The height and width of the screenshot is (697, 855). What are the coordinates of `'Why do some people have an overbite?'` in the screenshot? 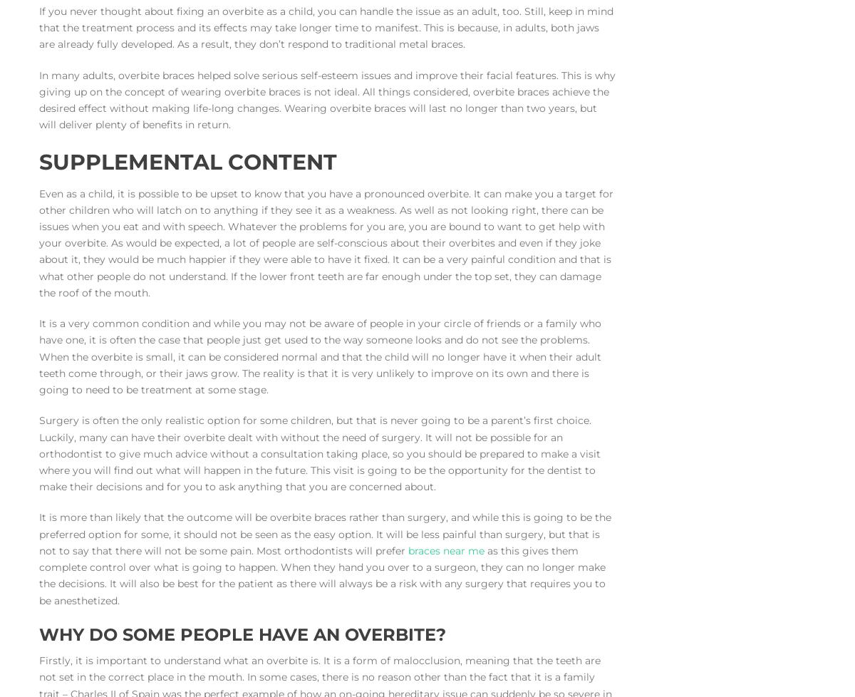 It's located at (242, 633).